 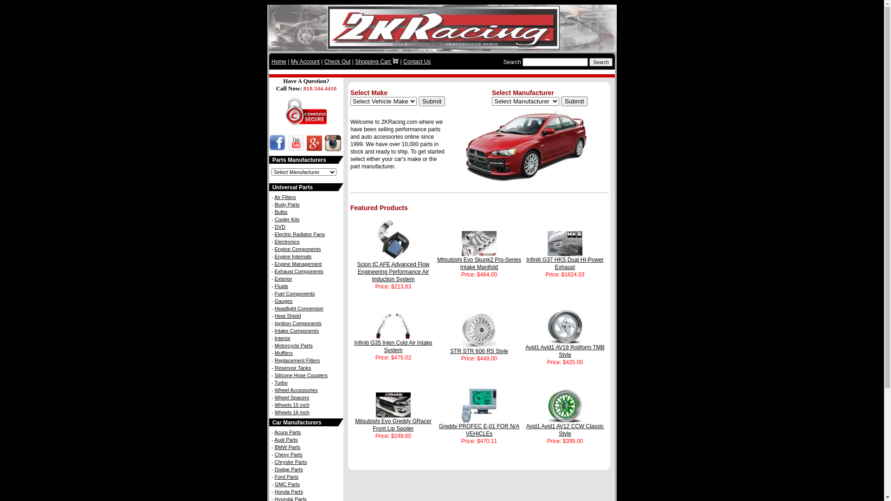 I want to click on 'Mufflers', so click(x=283, y=353).